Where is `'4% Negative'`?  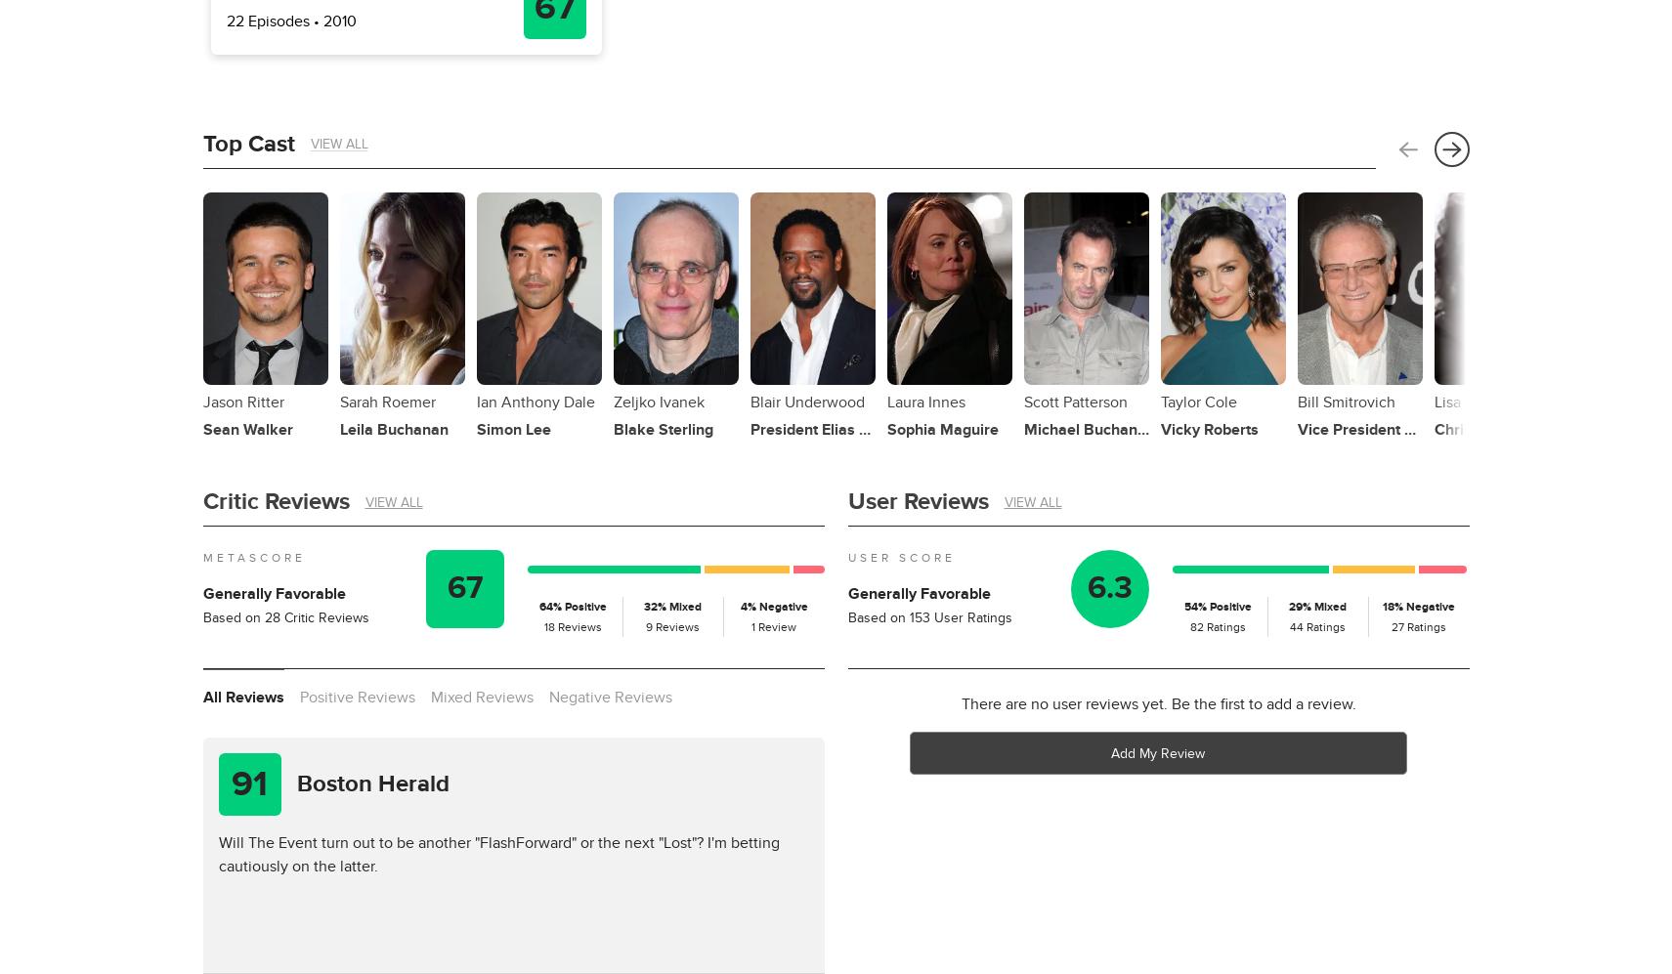
'4% Negative' is located at coordinates (772, 606).